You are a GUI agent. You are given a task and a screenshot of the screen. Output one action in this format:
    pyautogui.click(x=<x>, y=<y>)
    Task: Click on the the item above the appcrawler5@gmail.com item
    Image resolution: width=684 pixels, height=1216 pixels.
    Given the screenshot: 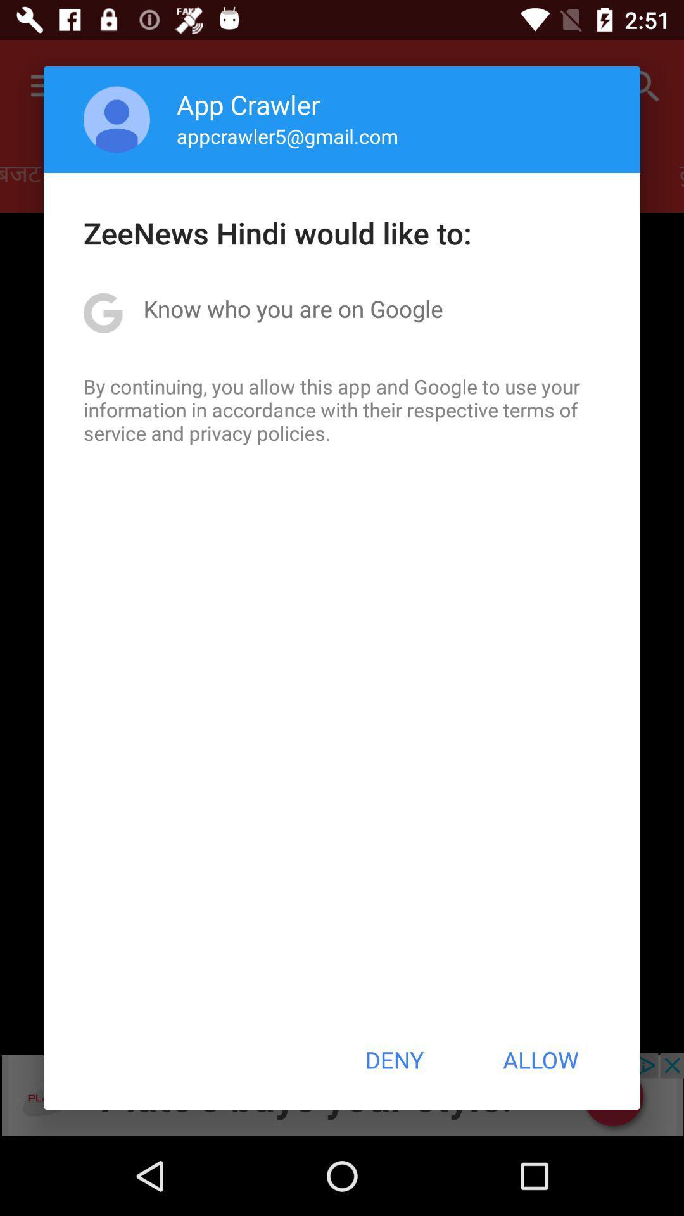 What is the action you would take?
    pyautogui.click(x=248, y=104)
    